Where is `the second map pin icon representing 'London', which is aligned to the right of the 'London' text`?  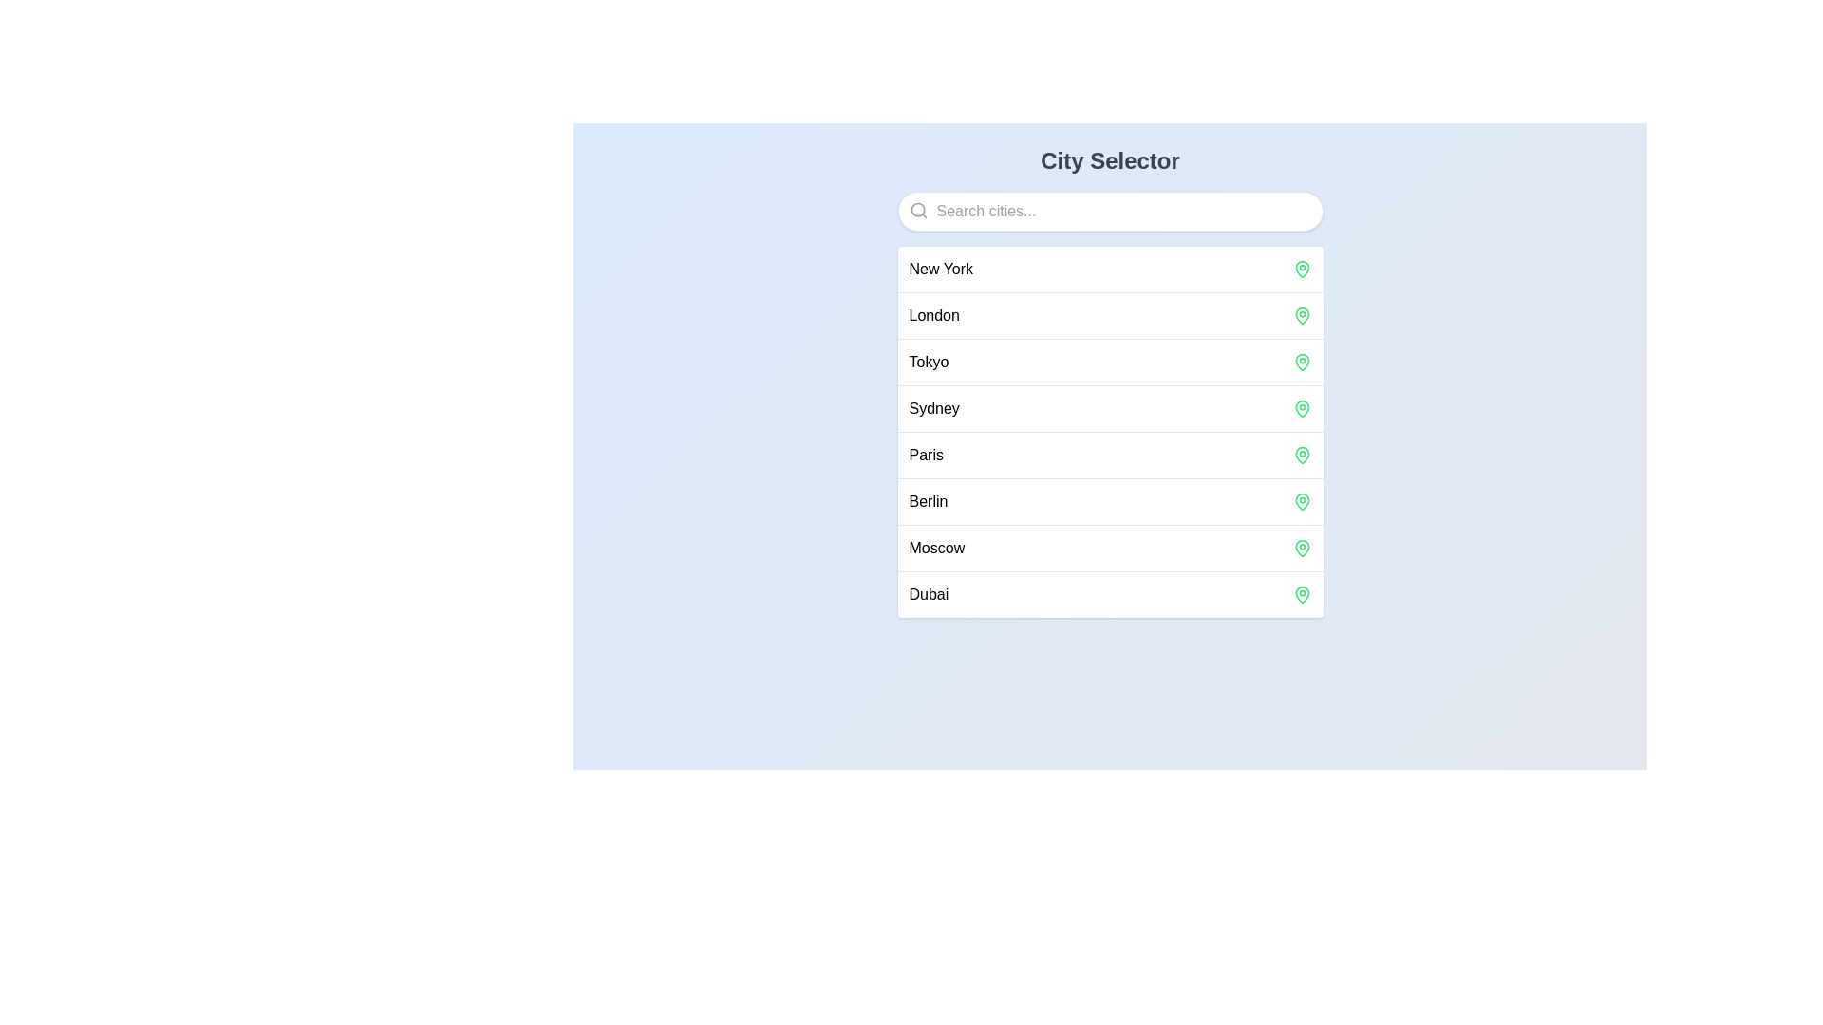 the second map pin icon representing 'London', which is aligned to the right of the 'London' text is located at coordinates (1301, 314).